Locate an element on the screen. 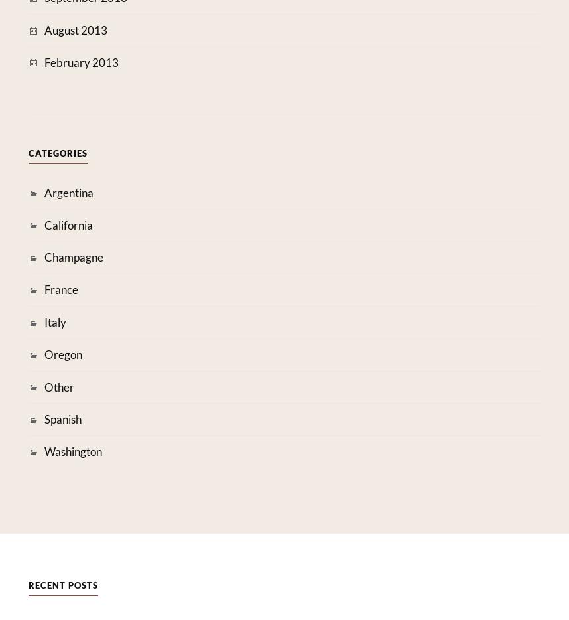 The image size is (569, 620). 'Champagne' is located at coordinates (42, 256).